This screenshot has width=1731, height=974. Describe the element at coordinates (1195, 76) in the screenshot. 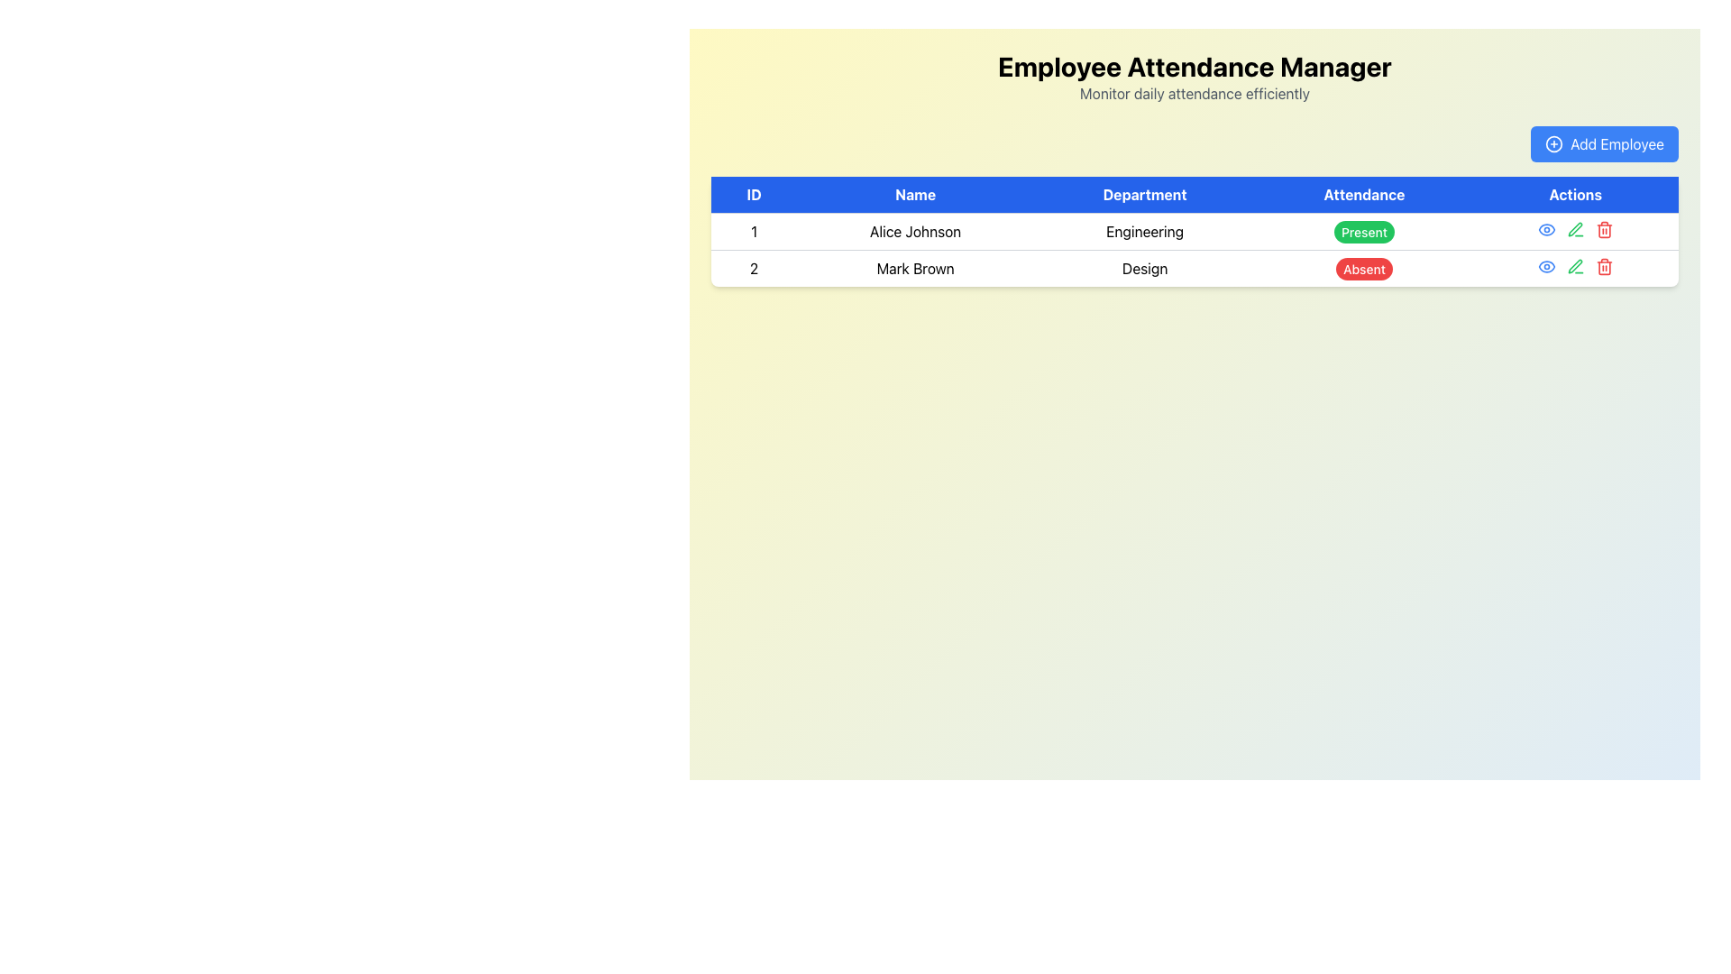

I see `the 'Employee Attendance Manager' header text, which is bold and large, located at the top of the page in a light gradient background` at that location.